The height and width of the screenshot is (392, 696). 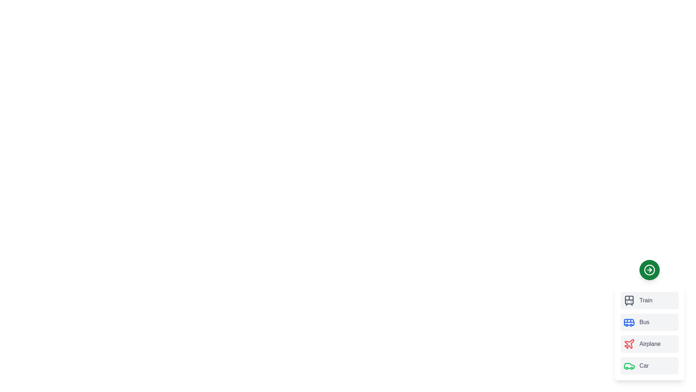 What do you see at coordinates (649, 270) in the screenshot?
I see `the green button to toggle the menu visibility` at bounding box center [649, 270].